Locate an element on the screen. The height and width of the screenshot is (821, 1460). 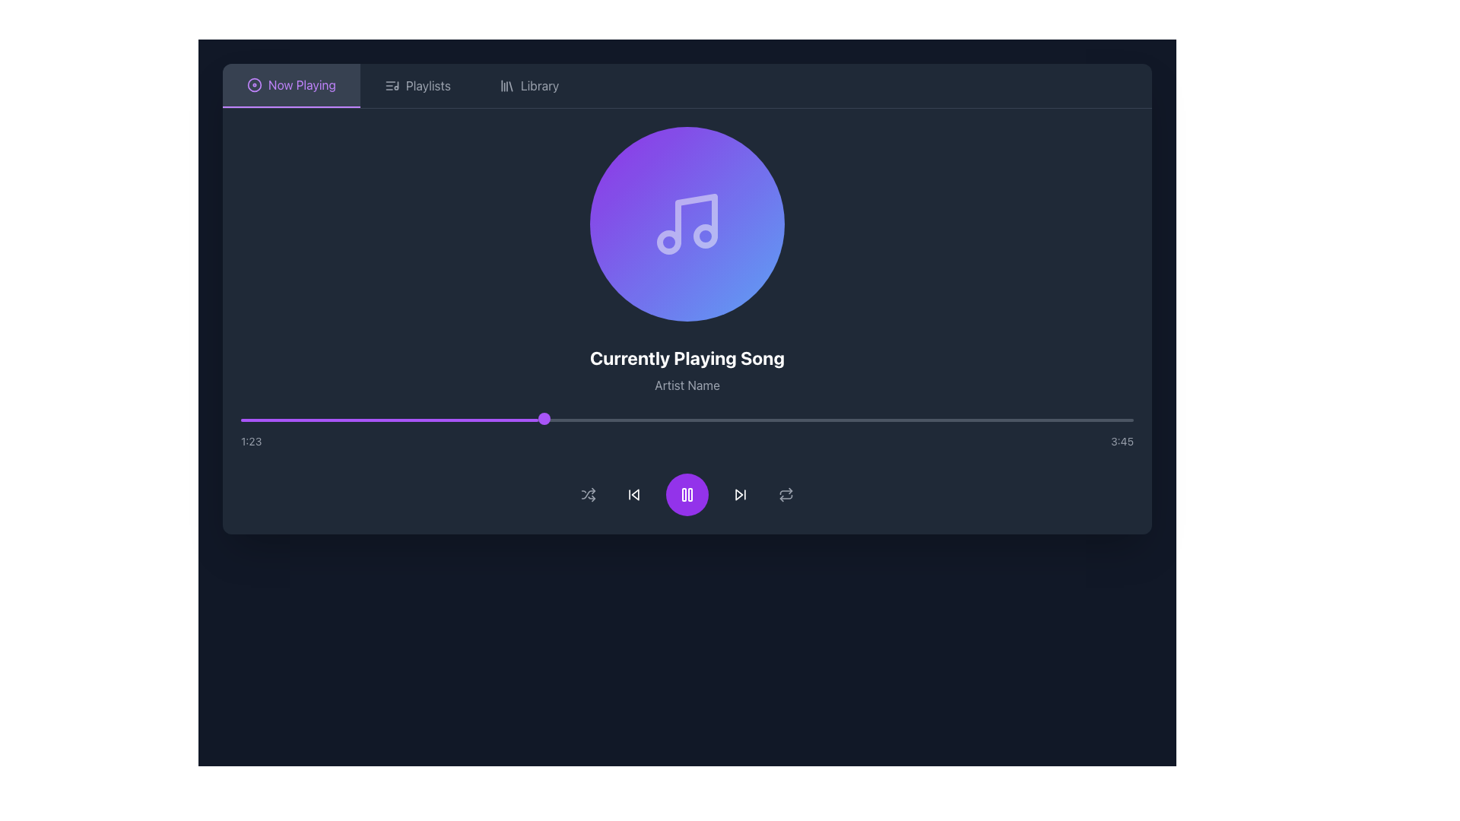
the playback position is located at coordinates (958, 420).